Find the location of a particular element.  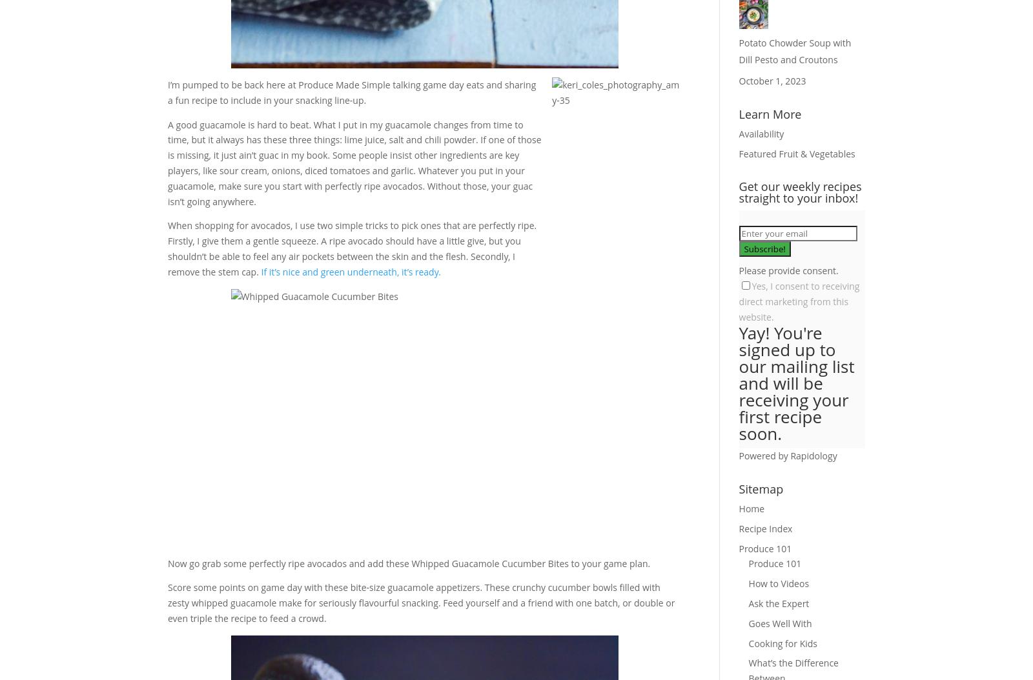

'Yay! You're signed up to our mailing list and will be receiving your first recipe soon.' is located at coordinates (795, 383).